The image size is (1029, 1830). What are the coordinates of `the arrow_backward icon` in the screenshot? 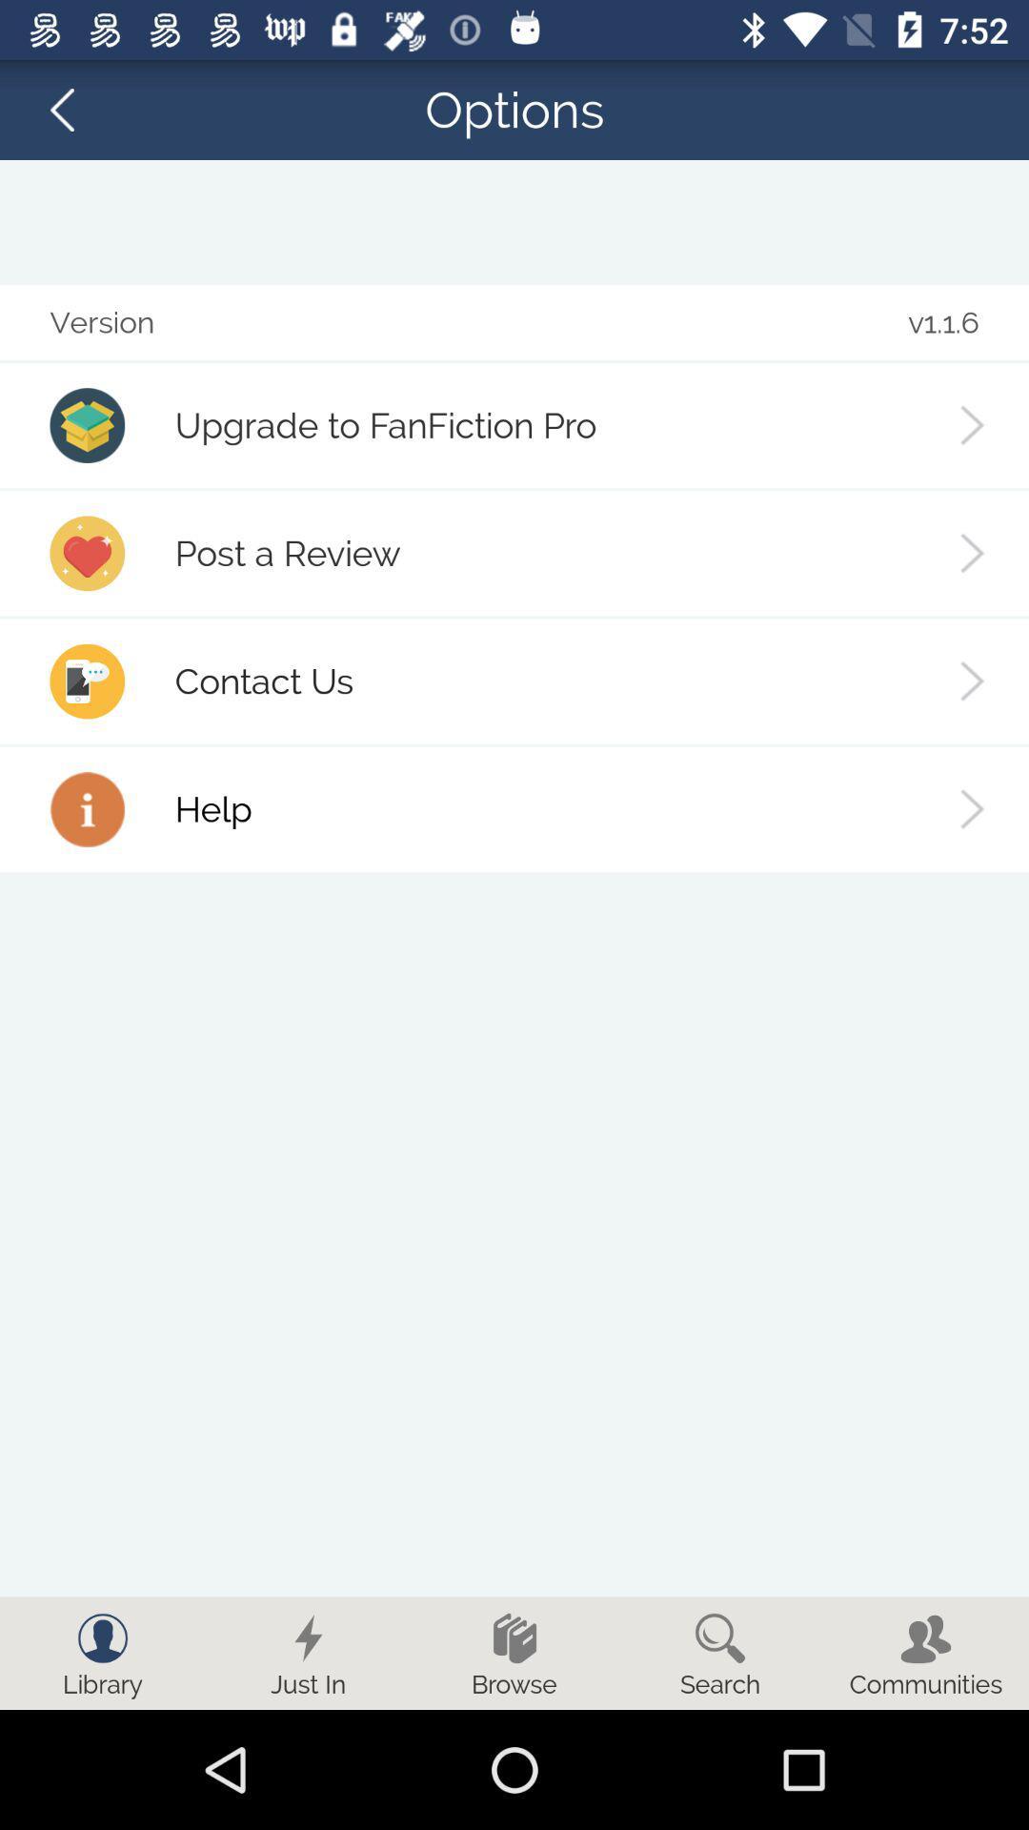 It's located at (73, 109).